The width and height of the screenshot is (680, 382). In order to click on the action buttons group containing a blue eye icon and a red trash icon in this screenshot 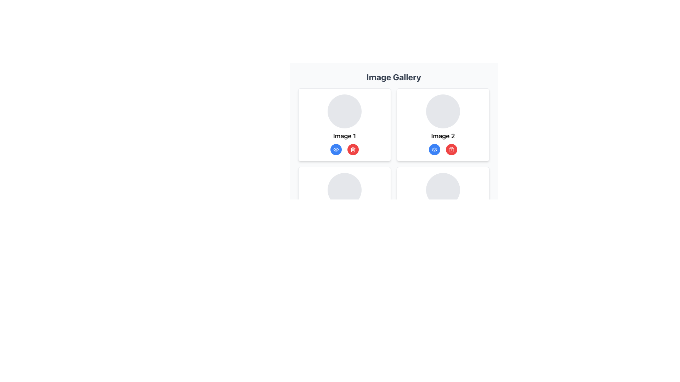, I will do `click(345, 149)`.